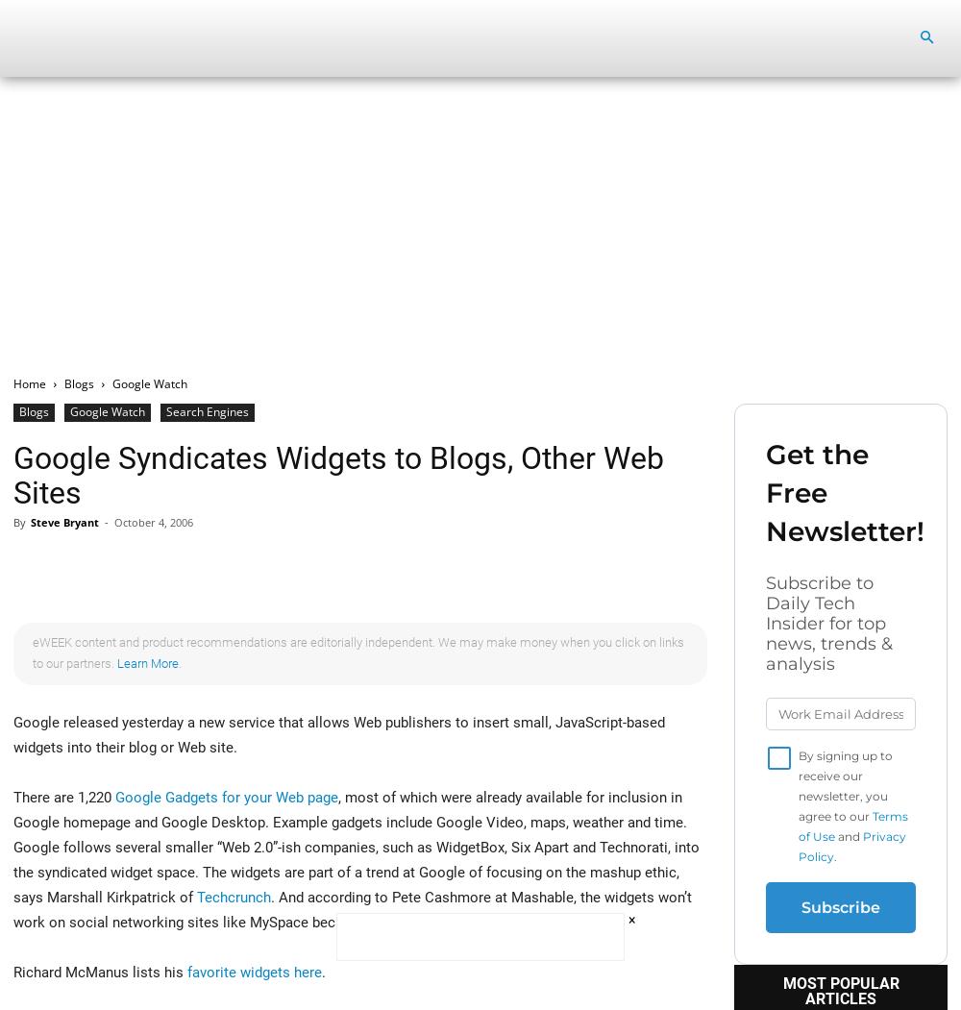 Image resolution: width=961 pixels, height=1010 pixels. What do you see at coordinates (226, 797) in the screenshot?
I see `'Google Gadgets for your Web page'` at bounding box center [226, 797].